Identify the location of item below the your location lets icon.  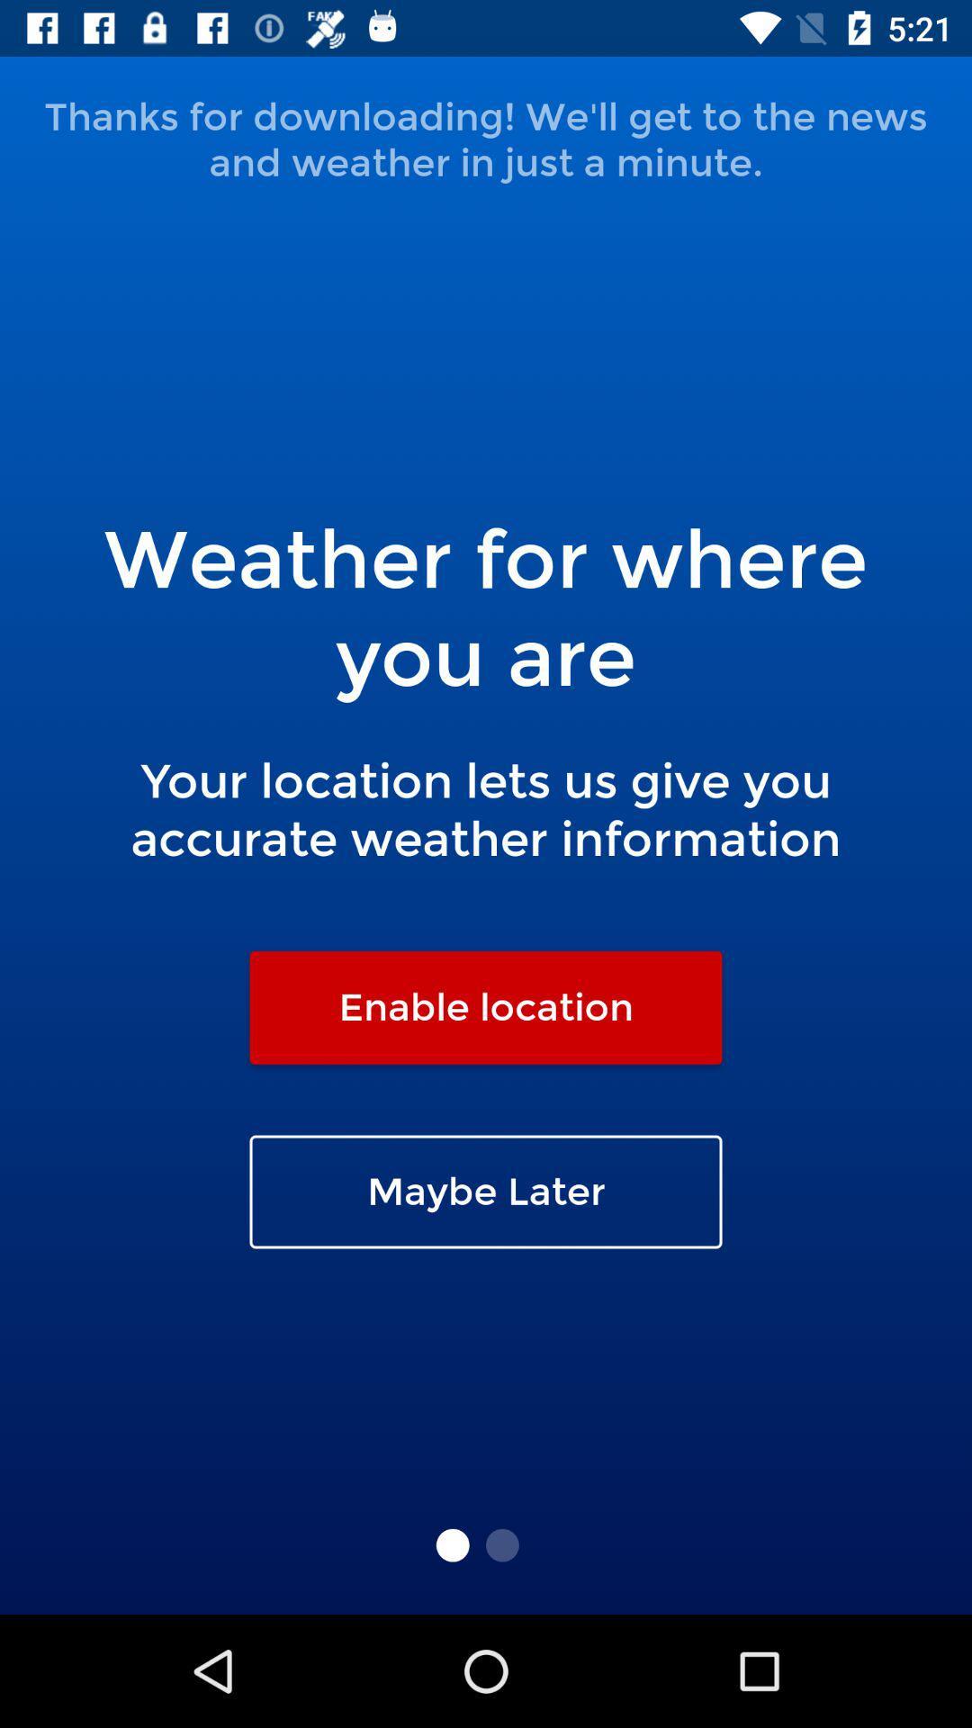
(486, 1006).